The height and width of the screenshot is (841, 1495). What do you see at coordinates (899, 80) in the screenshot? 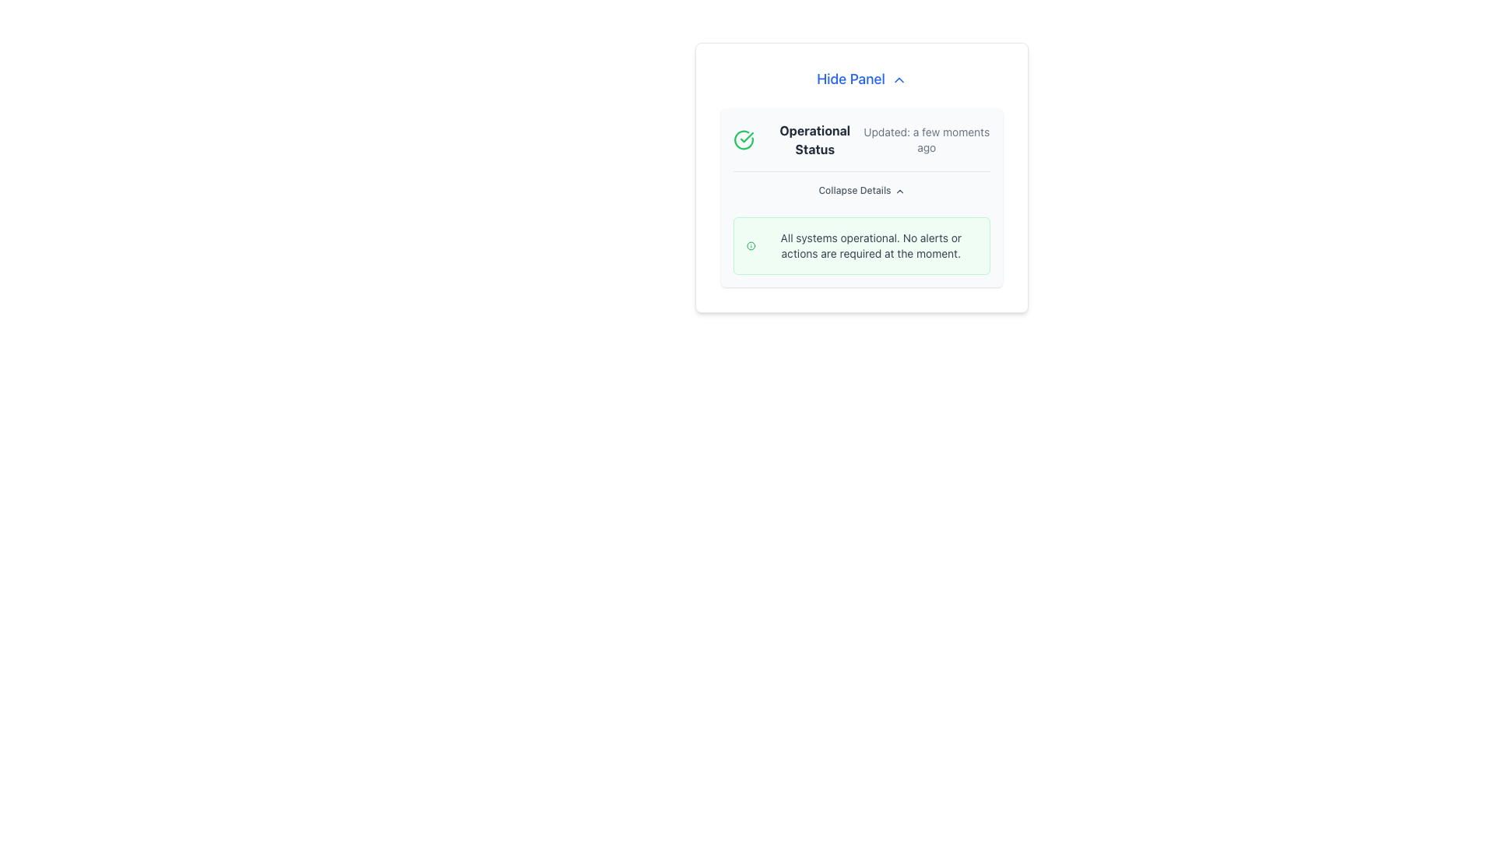
I see `the upward-pointing chevron icon next to the 'Hide Panel' text` at bounding box center [899, 80].